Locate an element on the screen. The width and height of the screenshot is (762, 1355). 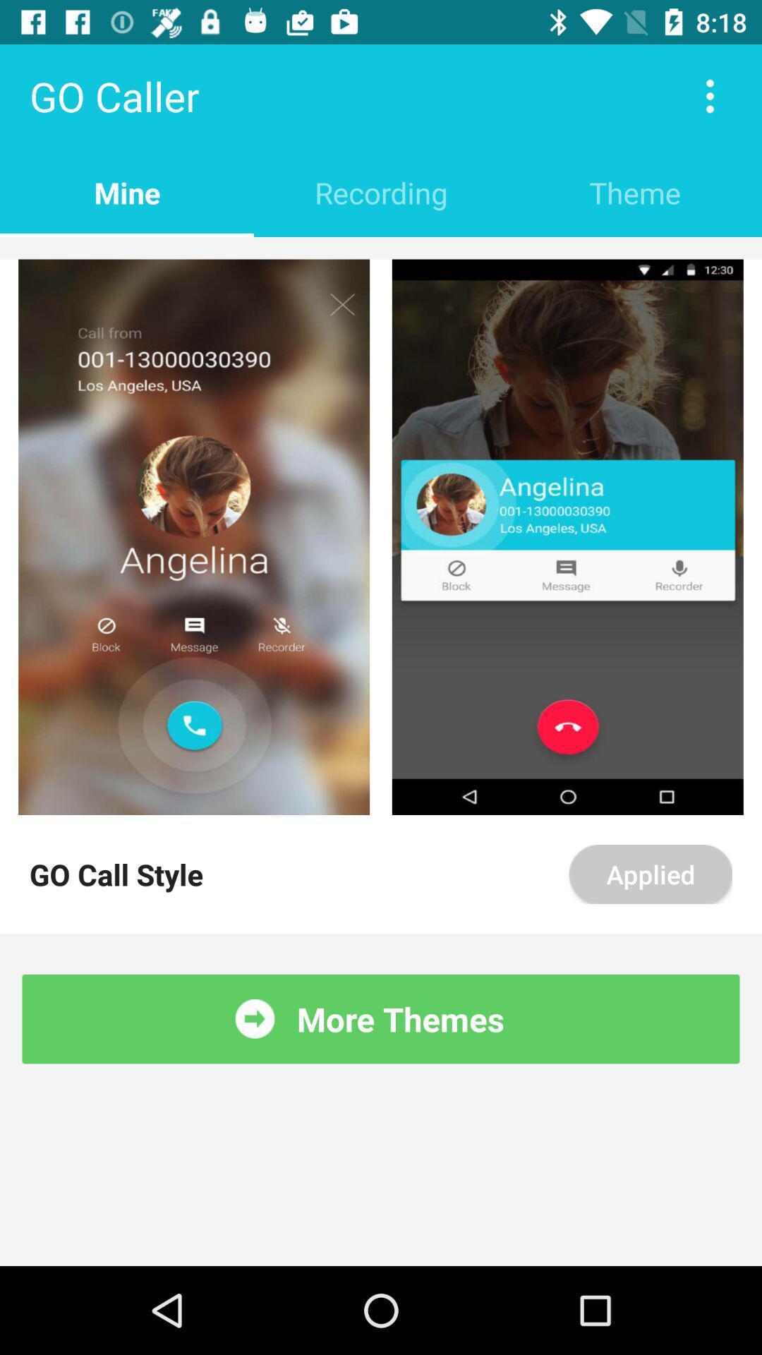
item above theme item is located at coordinates (710, 95).